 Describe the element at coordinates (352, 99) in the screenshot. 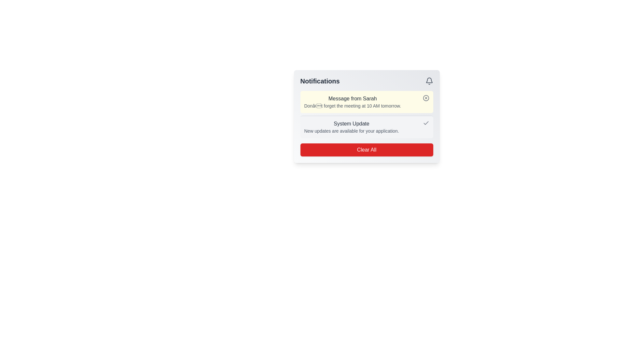

I see `the Text Label that serves as the title for the notification, which displays 'Message from Sarah' and is positioned at the top of the notification card` at that location.